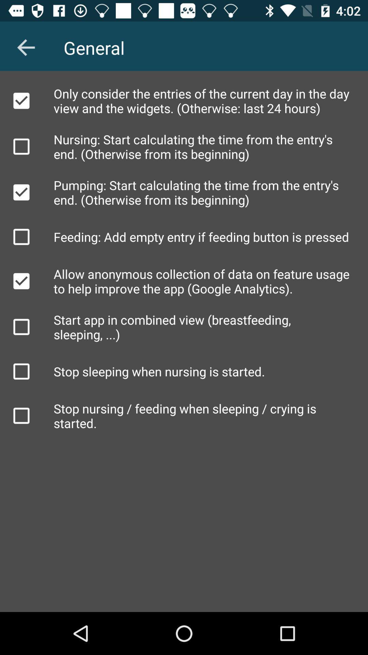 This screenshot has height=655, width=368. Describe the element at coordinates (21, 100) in the screenshot. I see `this field` at that location.